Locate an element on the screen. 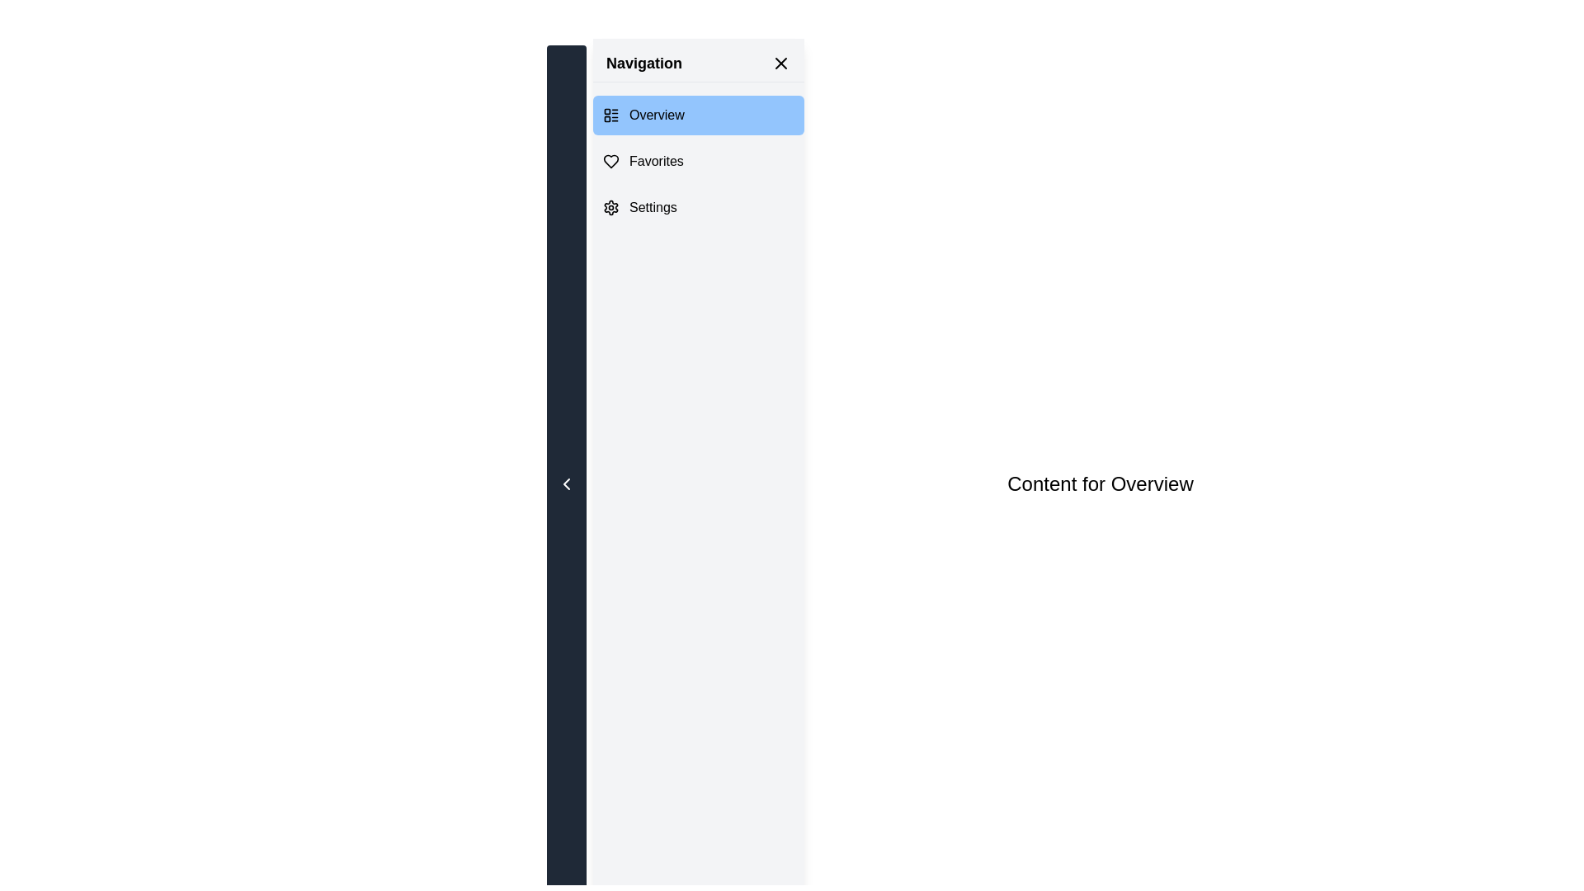 This screenshot has width=1584, height=891. the 'Overview' text label in the navigation pane is located at coordinates (656, 114).